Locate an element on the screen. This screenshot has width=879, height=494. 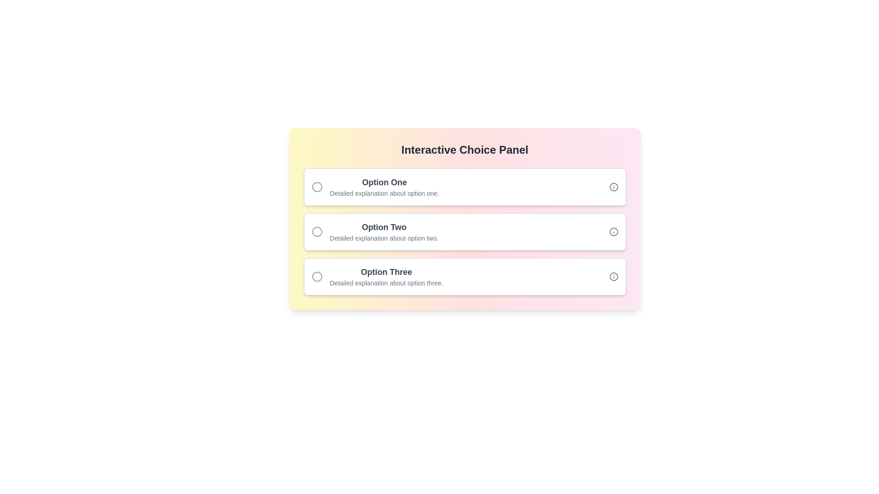
the third selectable option panel labeled 'Option Three' is located at coordinates (465, 276).